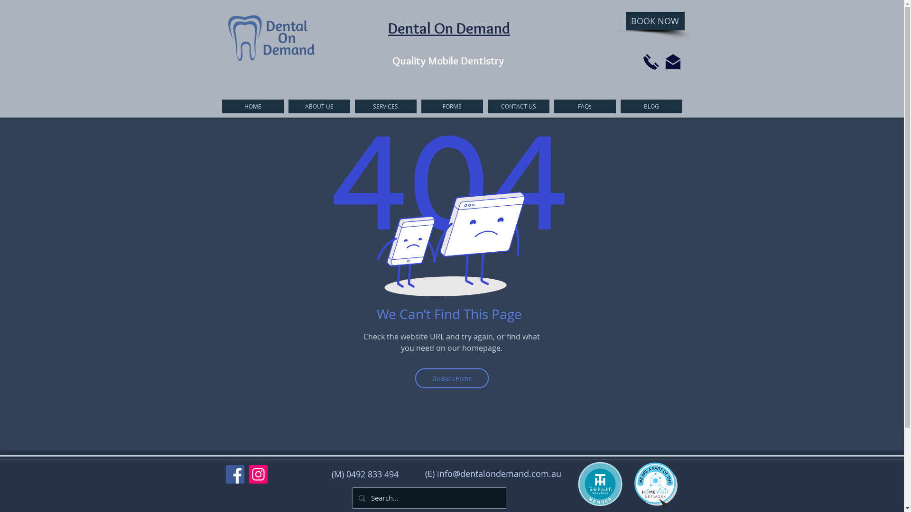 The width and height of the screenshot is (911, 512). I want to click on 'BOOK NOW', so click(654, 21).